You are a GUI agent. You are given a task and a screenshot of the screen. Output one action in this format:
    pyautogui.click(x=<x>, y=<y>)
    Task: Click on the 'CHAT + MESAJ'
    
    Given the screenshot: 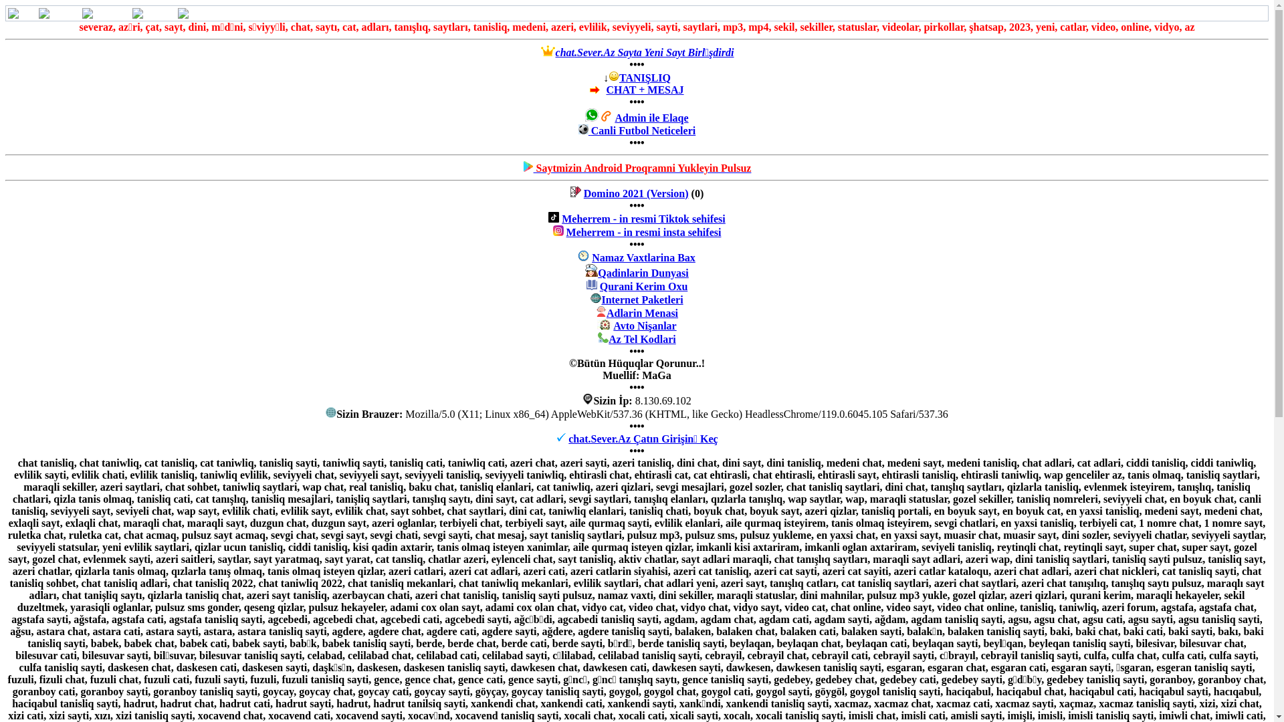 What is the action you would take?
    pyautogui.click(x=645, y=90)
    